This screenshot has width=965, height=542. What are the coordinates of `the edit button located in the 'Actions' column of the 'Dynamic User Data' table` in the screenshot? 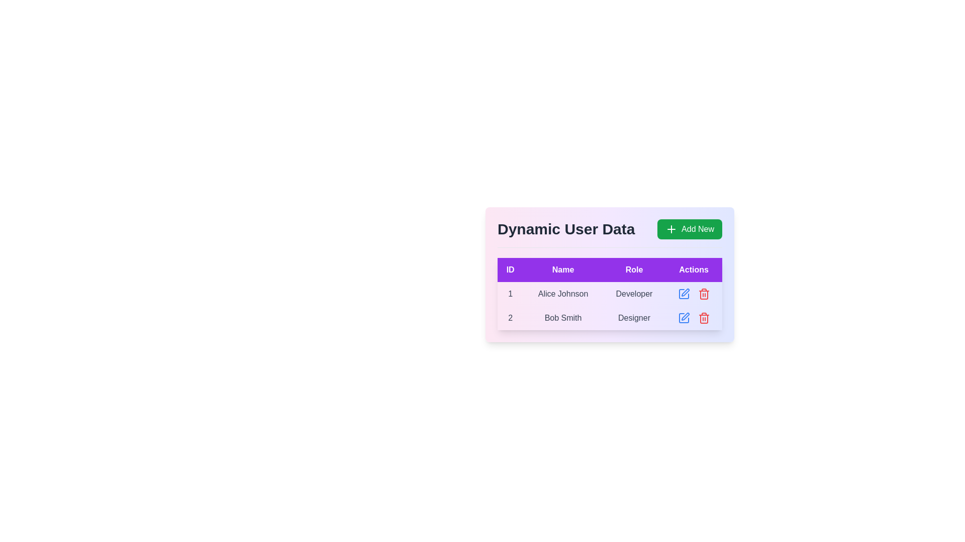 It's located at (684, 294).